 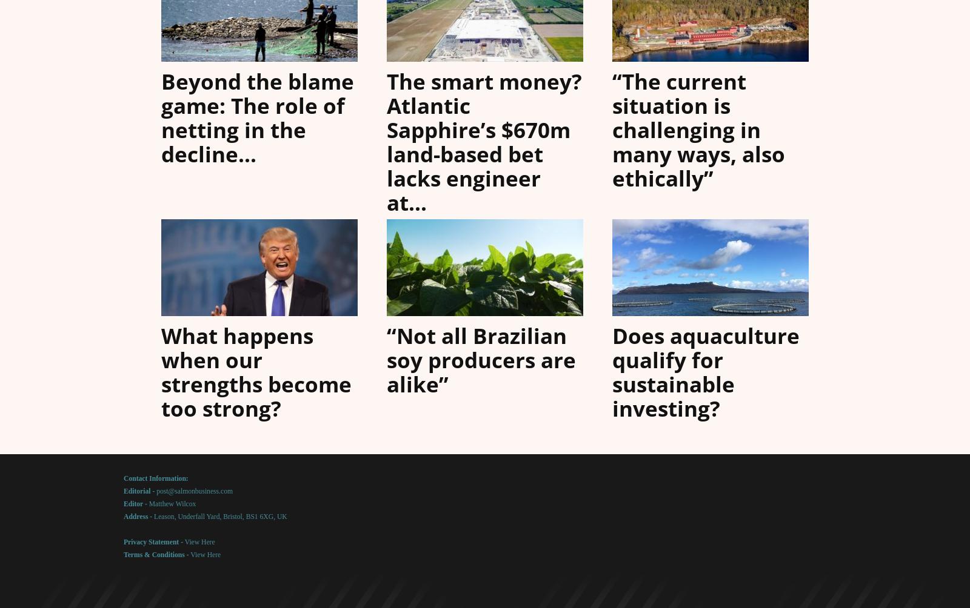 What do you see at coordinates (484, 140) in the screenshot?
I see `'The smart money? Atlantic Sapphire’s $670m land-based bet lacks engineer at...'` at bounding box center [484, 140].